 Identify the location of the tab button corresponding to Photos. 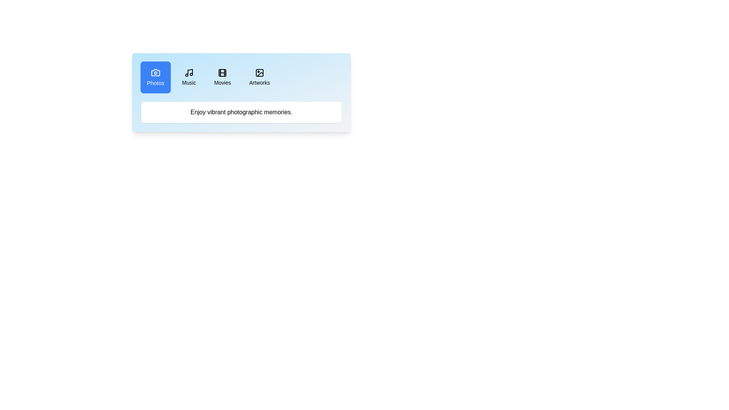
(155, 77).